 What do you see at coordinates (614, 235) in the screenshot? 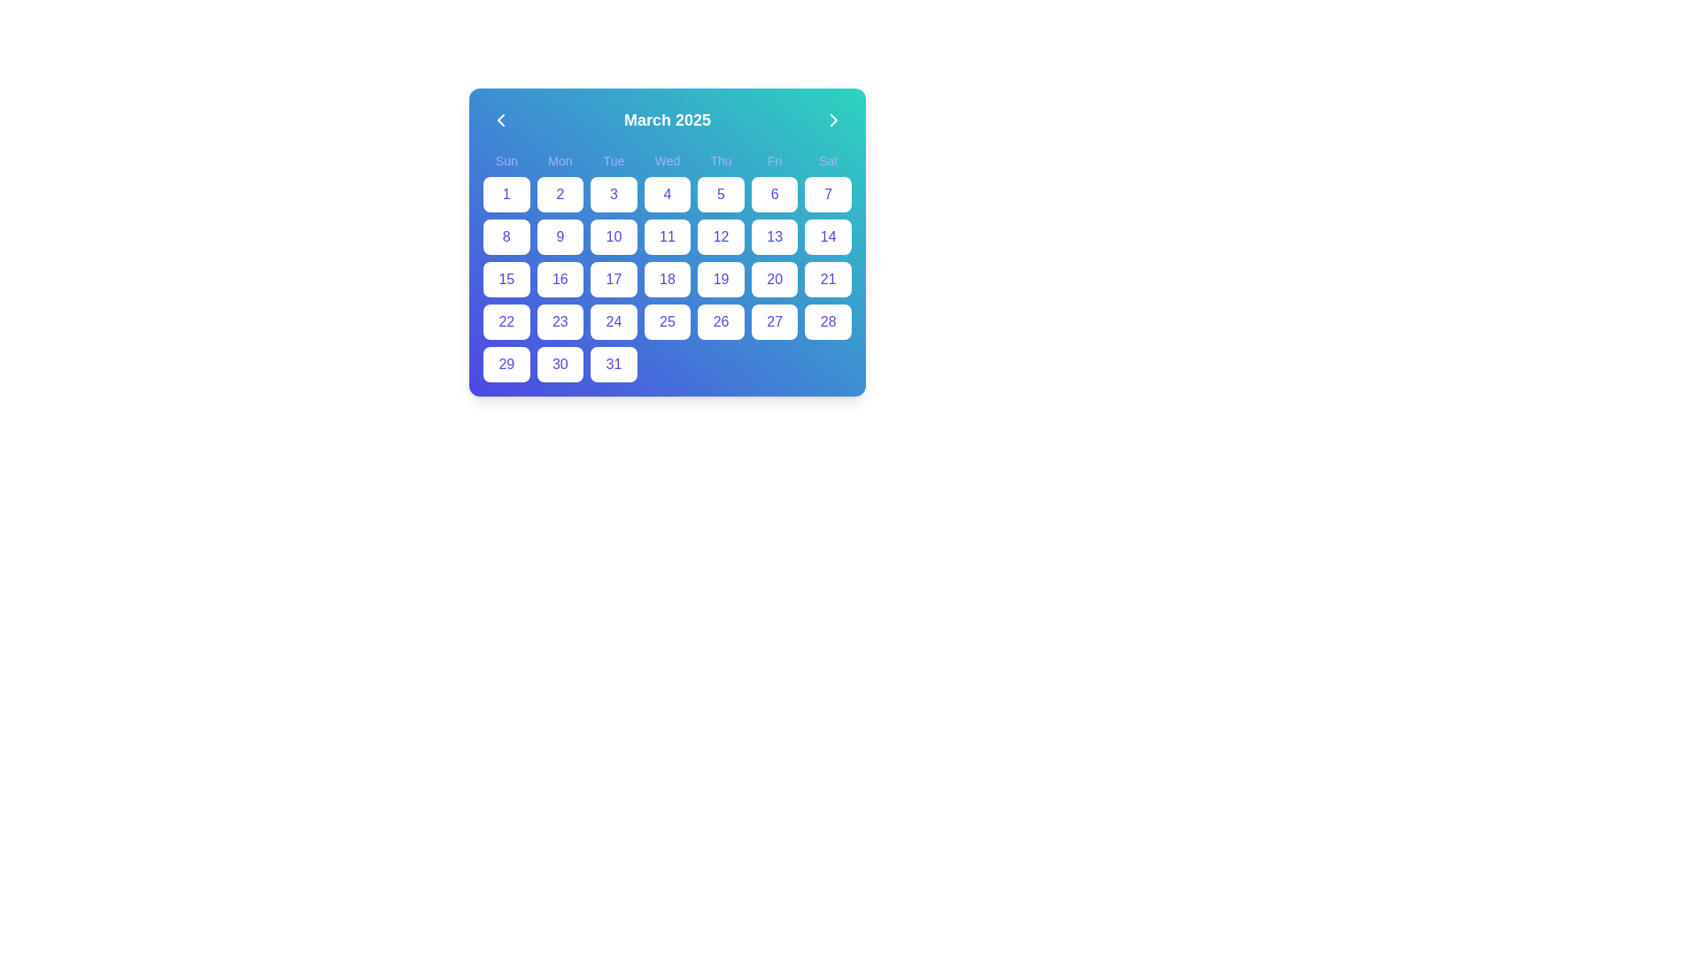
I see `the rounded rectangular button displaying '10' in bold indigo font located in the fourth column of the second row of the calendar grid` at bounding box center [614, 235].